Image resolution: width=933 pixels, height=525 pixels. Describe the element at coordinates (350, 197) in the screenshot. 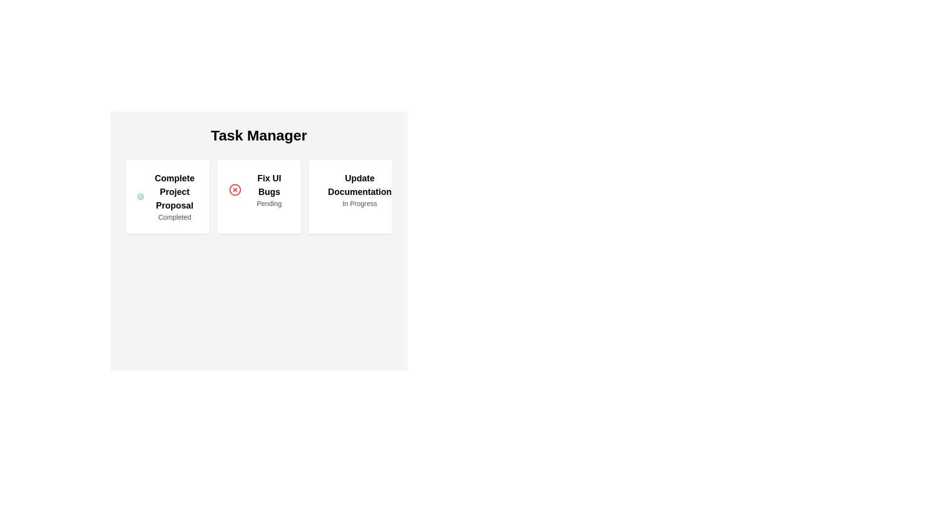

I see `the Task card labeled 'Update Documentation' which shows the status 'In Progress'` at that location.